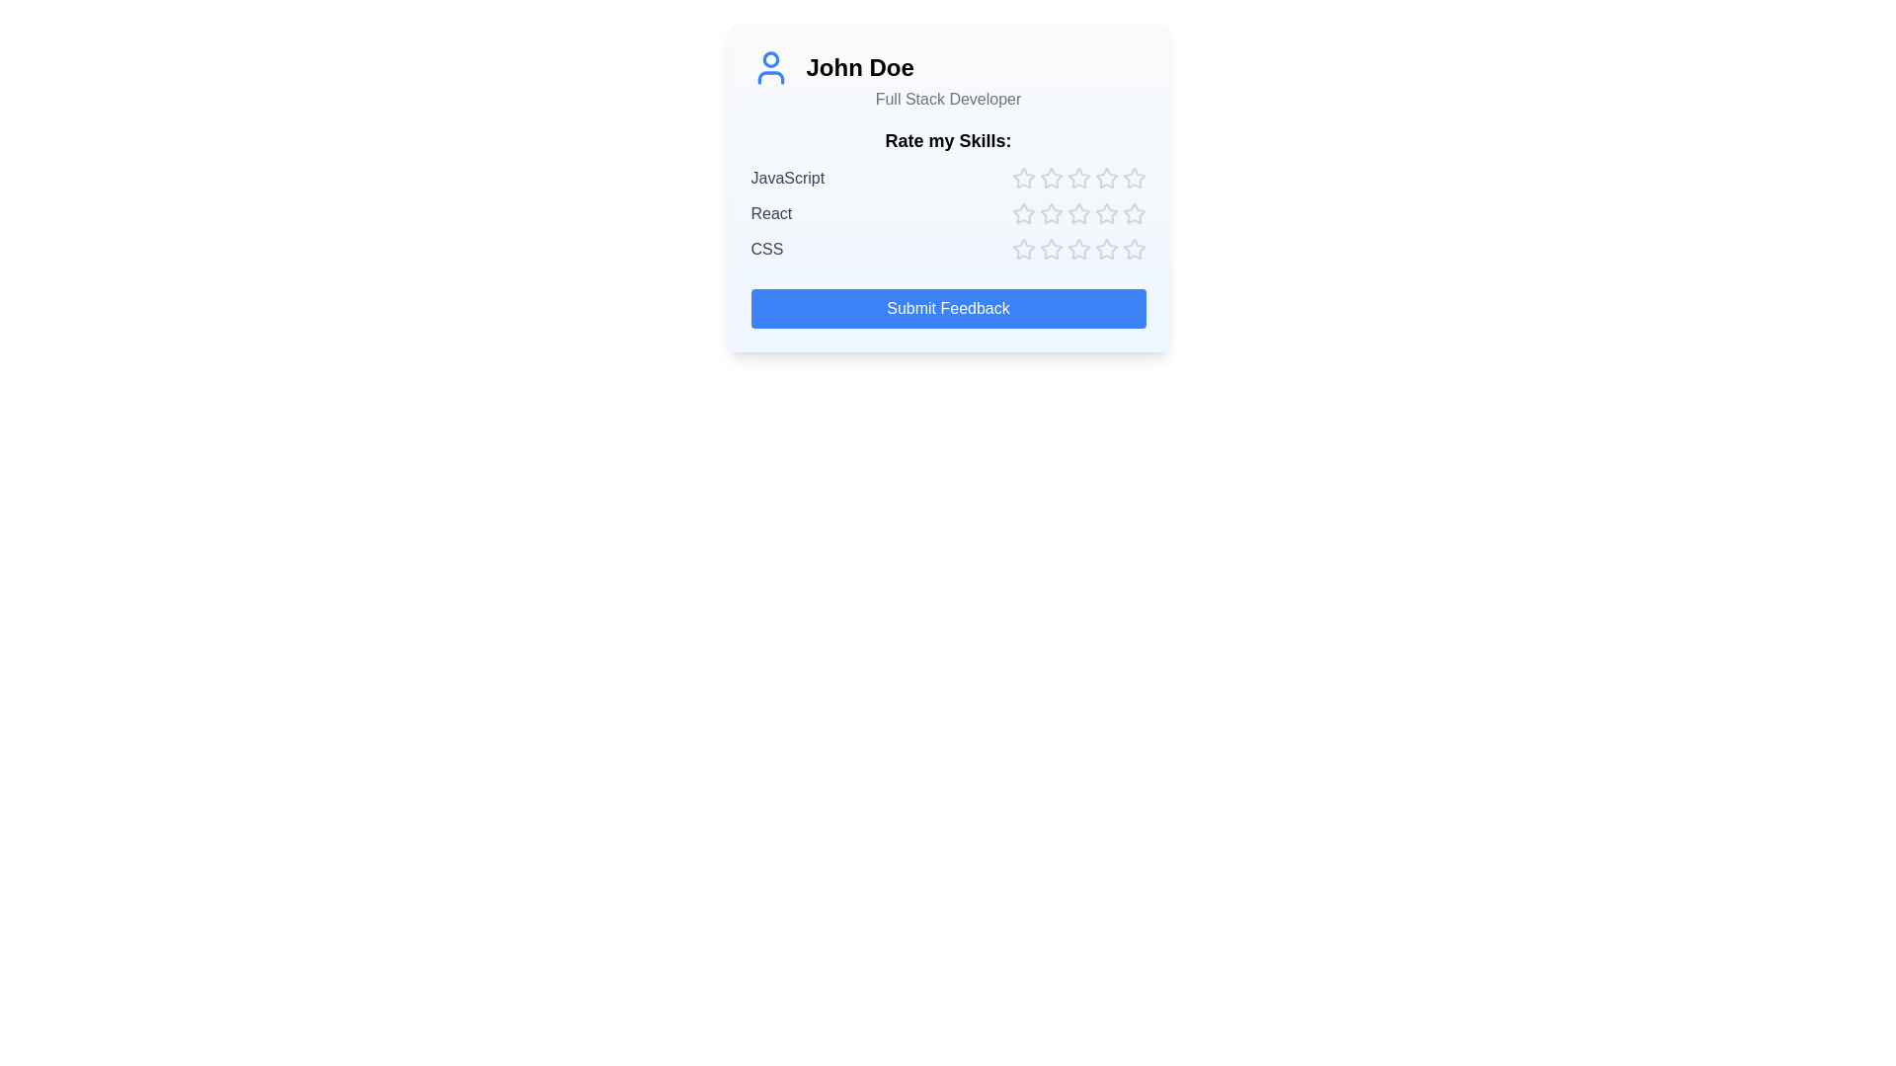 The image size is (1896, 1066). What do you see at coordinates (1050, 249) in the screenshot?
I see `the star corresponding to skill CSS and rating 2` at bounding box center [1050, 249].